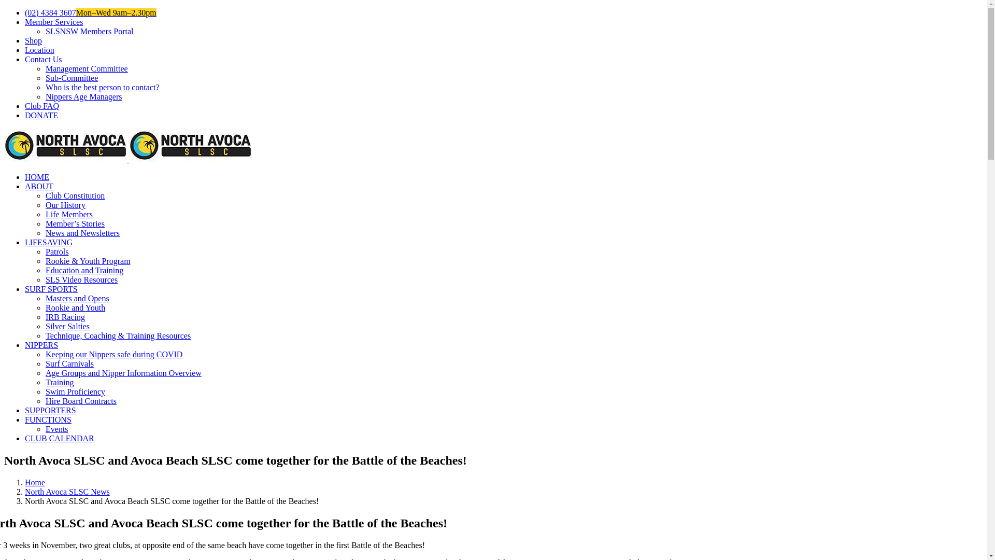 The width and height of the screenshot is (995, 560). Describe the element at coordinates (50, 410) in the screenshot. I see `'SUPPORTERS'` at that location.